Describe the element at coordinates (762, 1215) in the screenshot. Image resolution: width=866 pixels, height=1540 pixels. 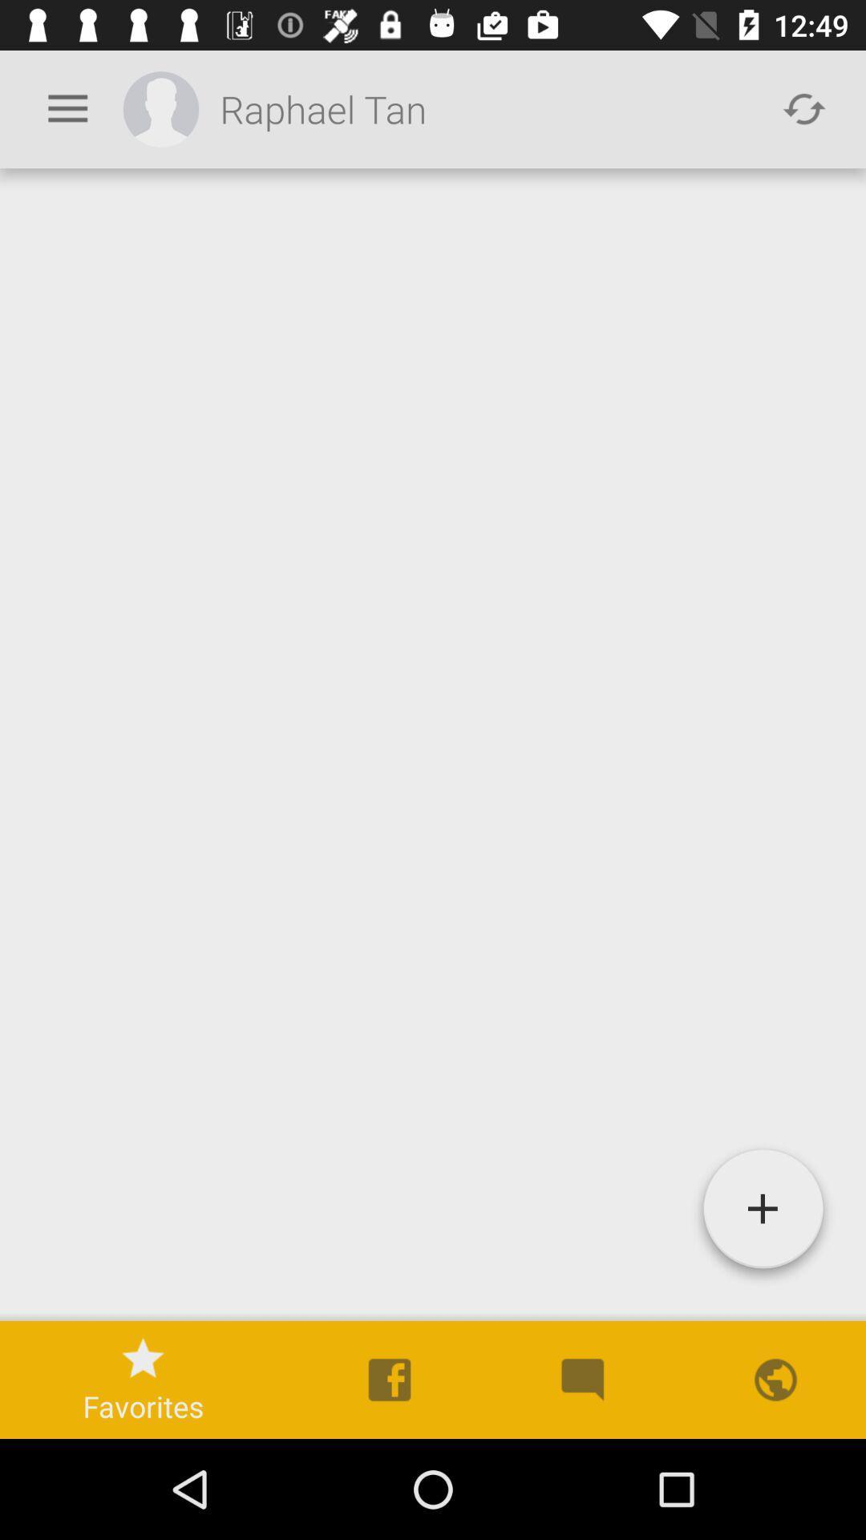
I see `the add icon` at that location.